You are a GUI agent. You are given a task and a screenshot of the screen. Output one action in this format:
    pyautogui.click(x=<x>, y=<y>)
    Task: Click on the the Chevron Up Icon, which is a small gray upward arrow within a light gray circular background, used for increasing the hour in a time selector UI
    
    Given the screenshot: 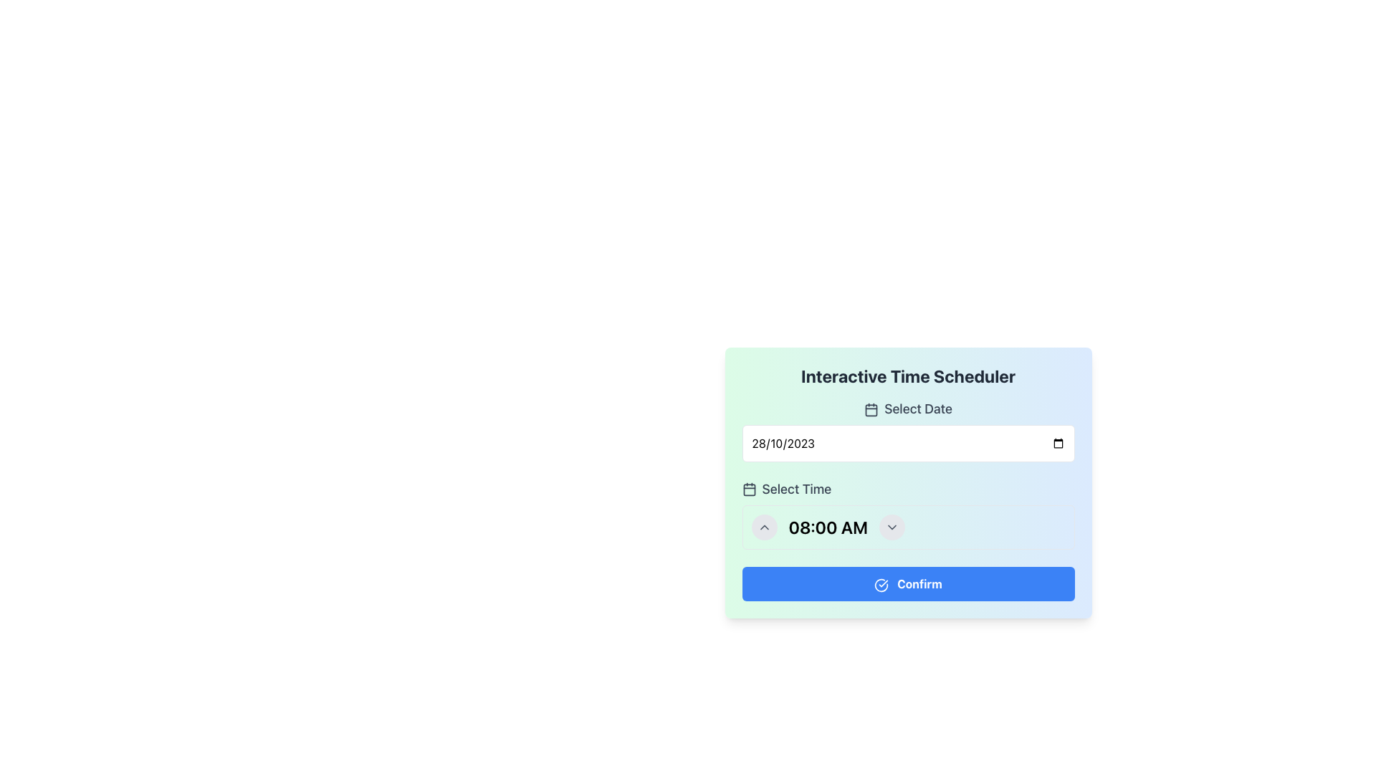 What is the action you would take?
    pyautogui.click(x=763, y=527)
    